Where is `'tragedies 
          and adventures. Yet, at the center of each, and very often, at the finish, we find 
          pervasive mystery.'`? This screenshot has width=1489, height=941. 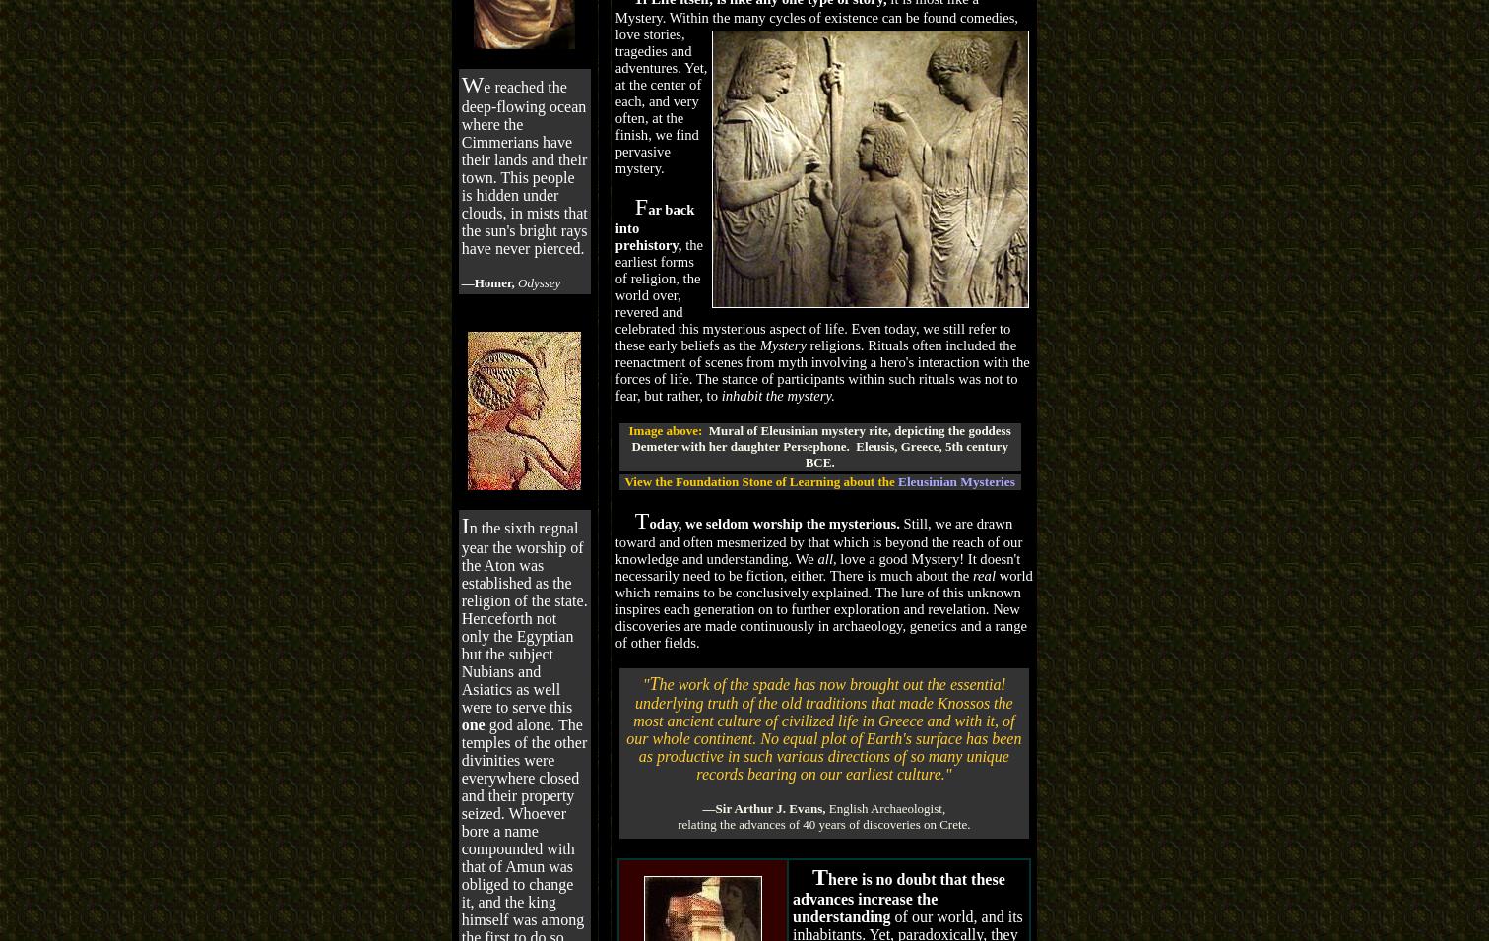
'tragedies 
          and adventures. Yet, at the center of each, and very often, at the finish, we find 
          pervasive mystery.' is located at coordinates (661, 107).